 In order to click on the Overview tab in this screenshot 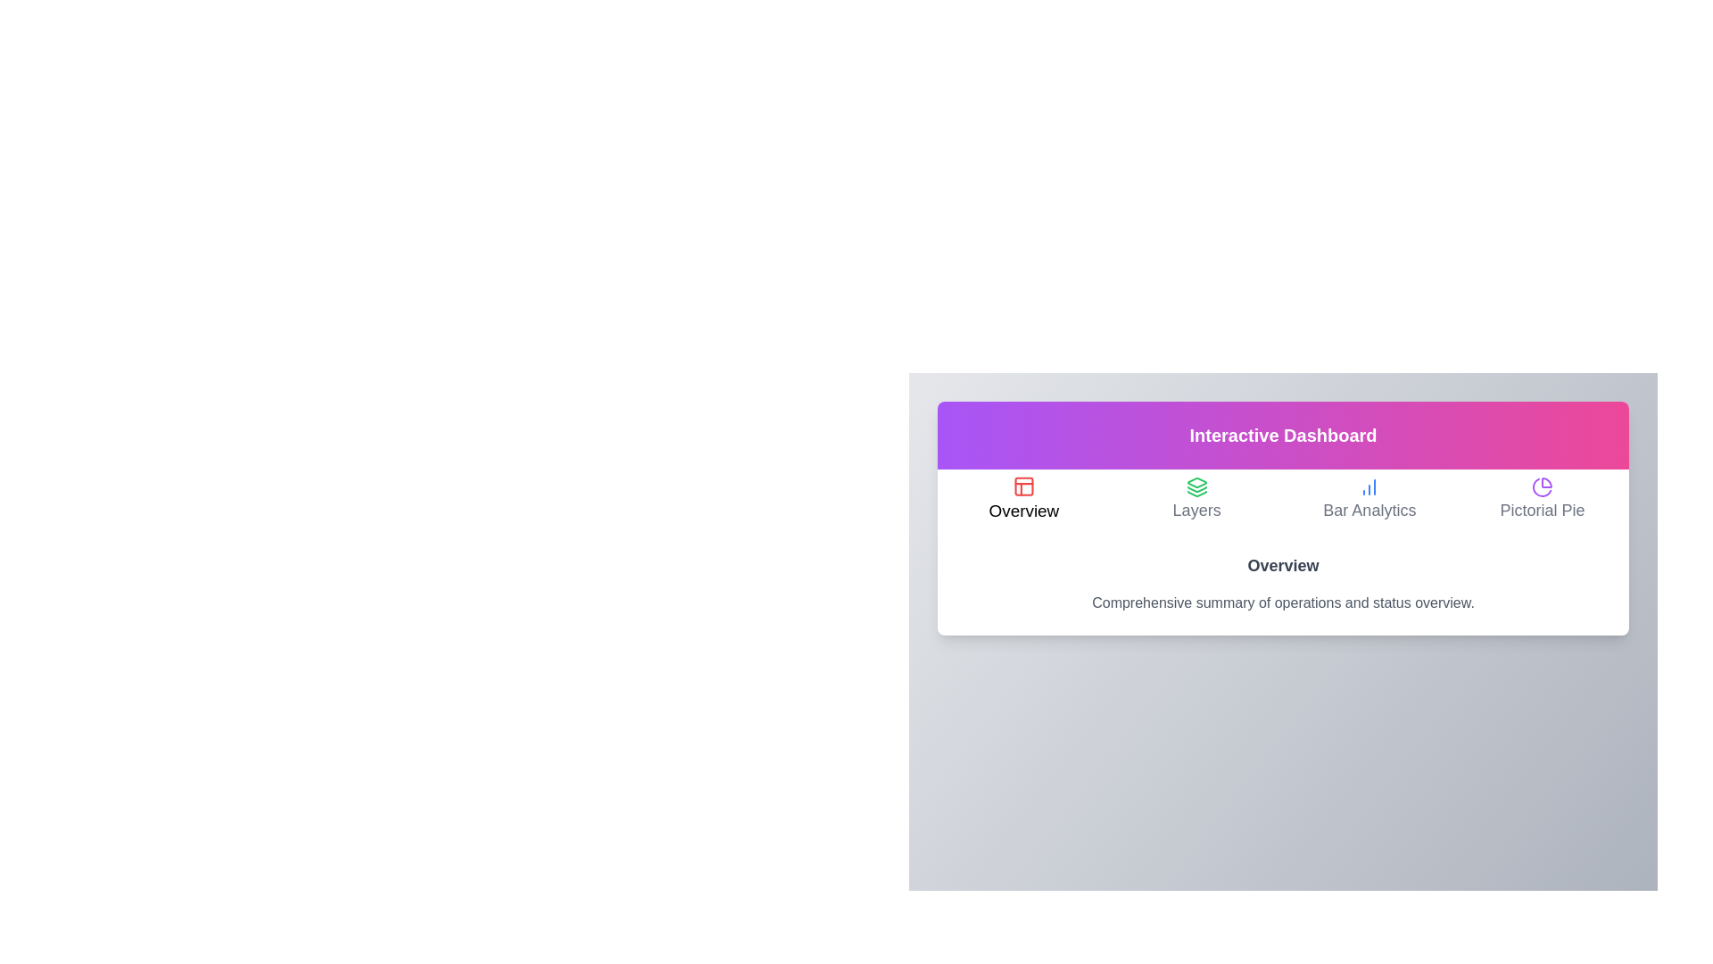, I will do `click(1023, 500)`.